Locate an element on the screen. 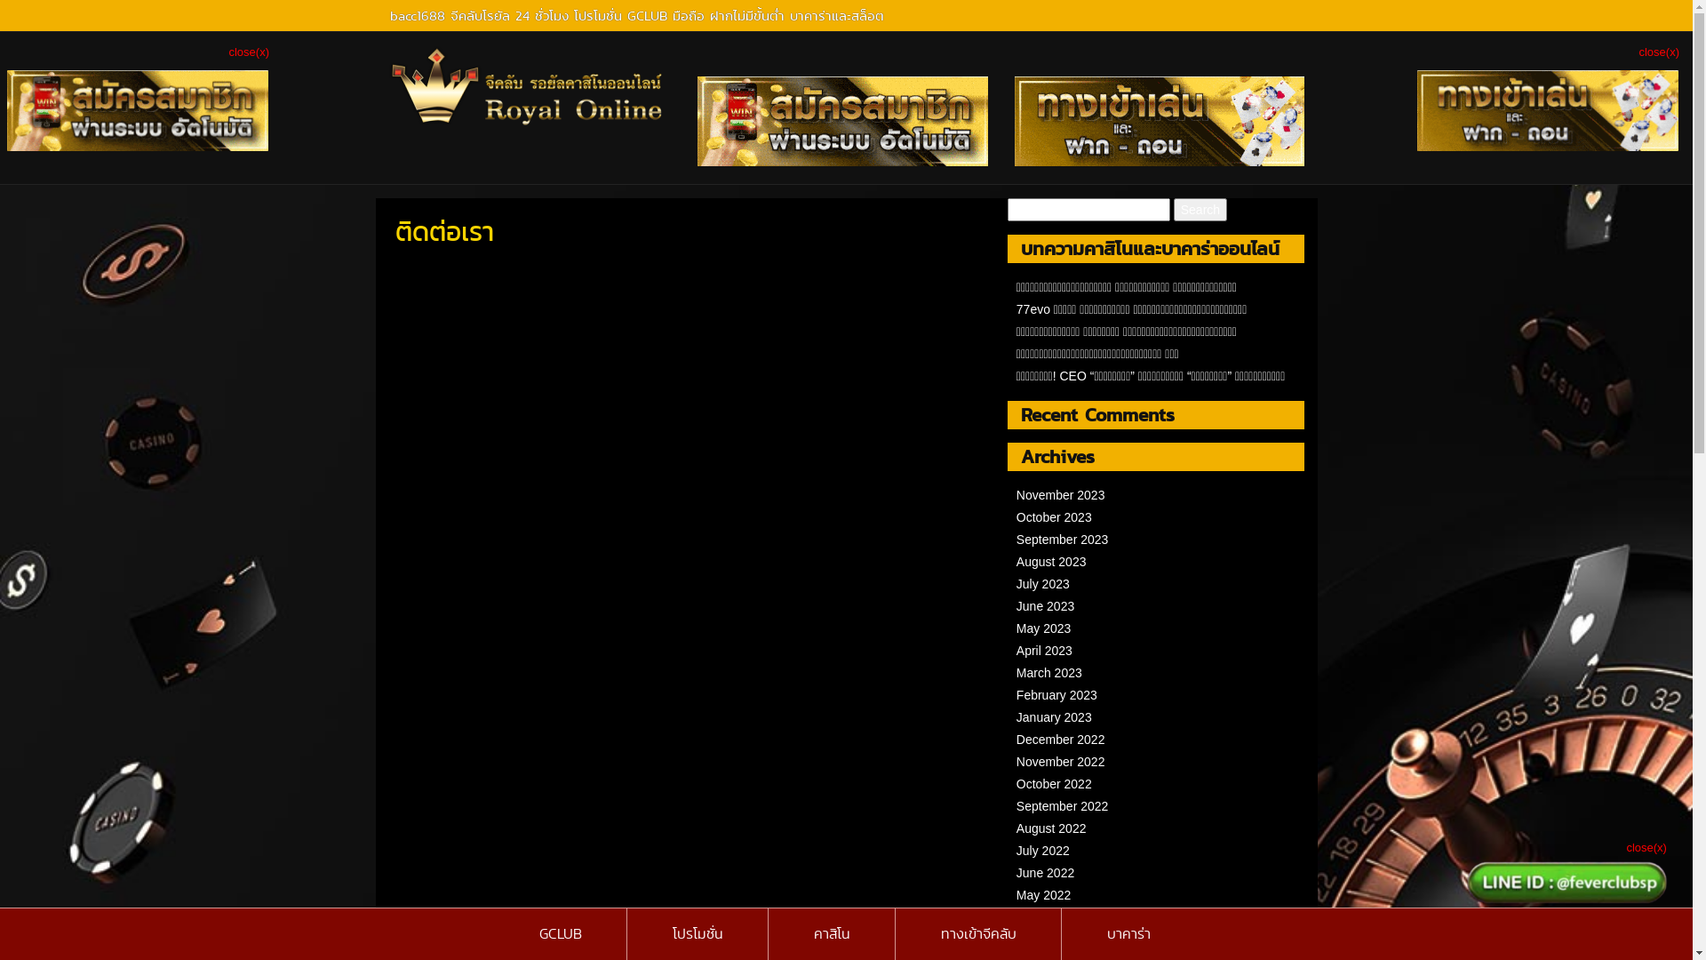 This screenshot has width=1706, height=960. 'February 2023' is located at coordinates (1056, 694).